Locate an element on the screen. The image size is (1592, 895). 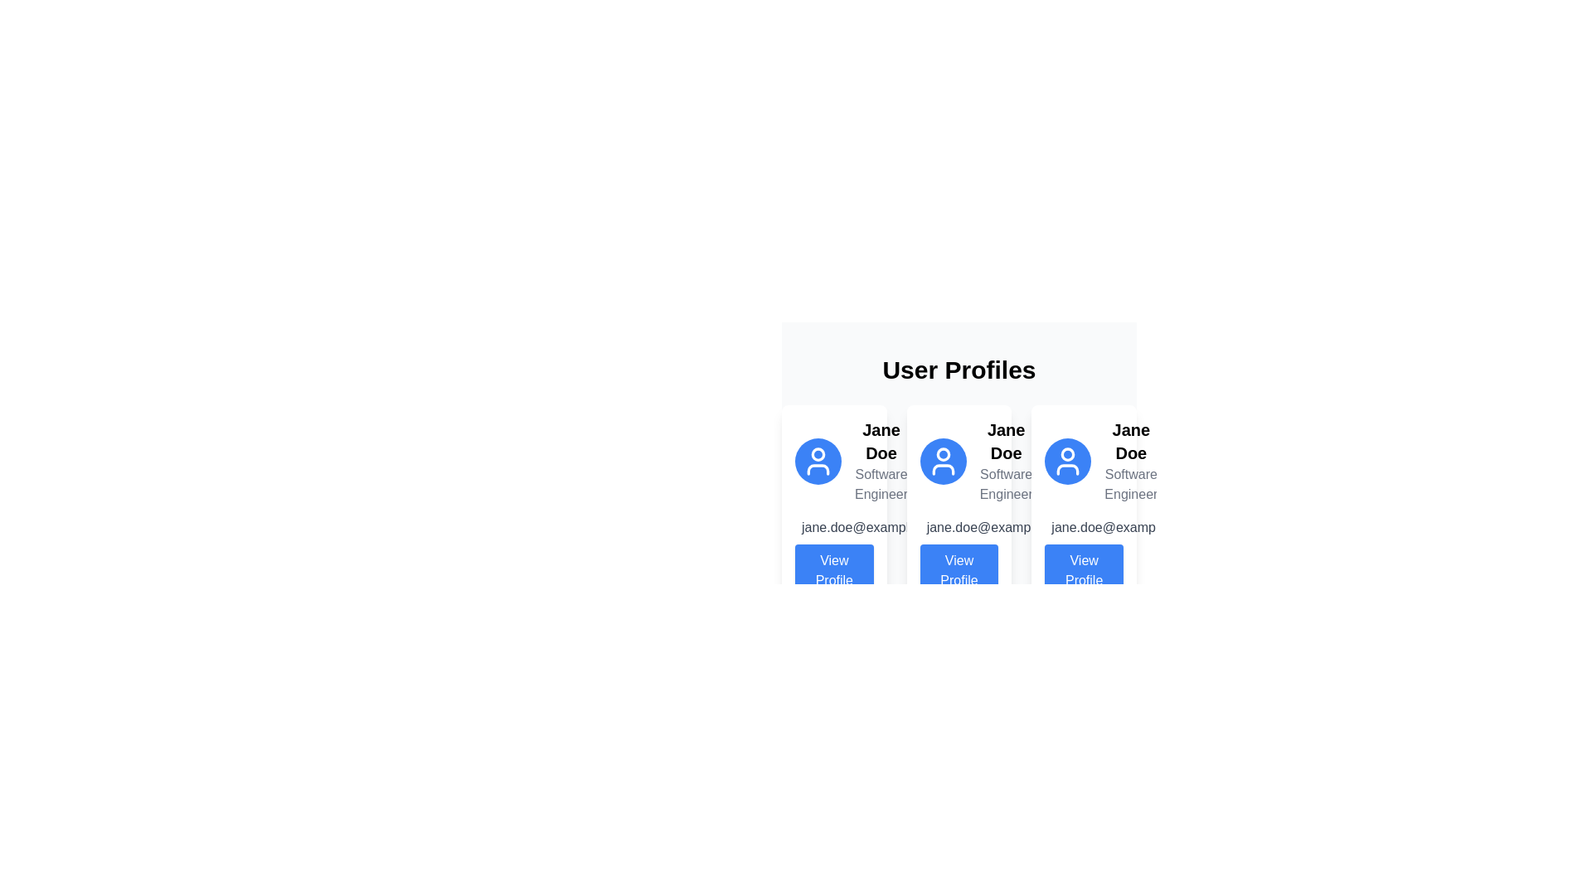
the SVG-based user profile icon located in the first user profile card, centered within the blue circle at the top of the card is located at coordinates (818, 461).